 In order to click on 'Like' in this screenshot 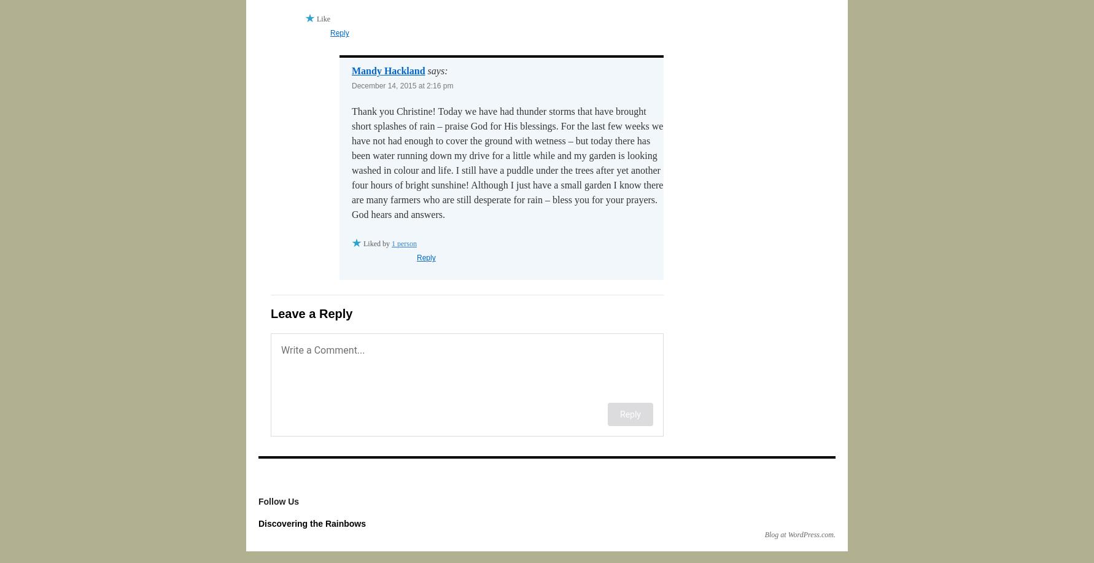, I will do `click(322, 18)`.